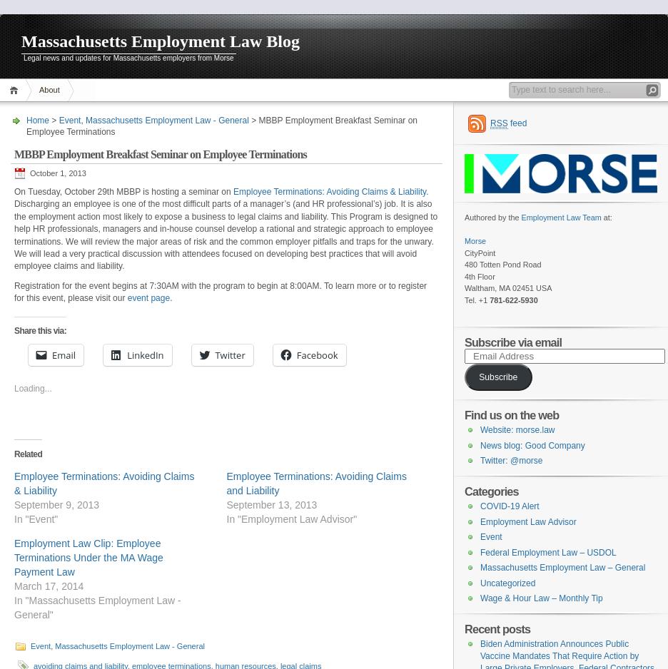 The height and width of the screenshot is (669, 668). What do you see at coordinates (63, 354) in the screenshot?
I see `'Email'` at bounding box center [63, 354].